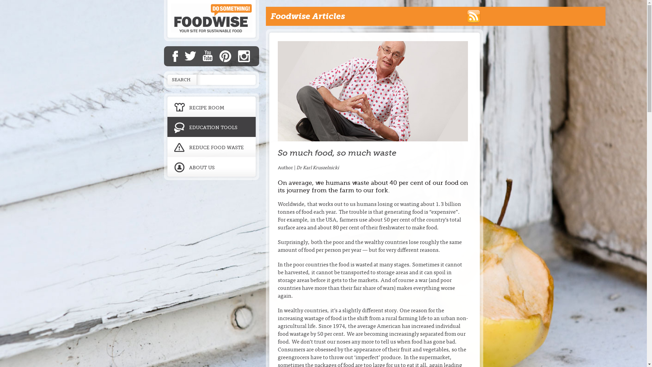  What do you see at coordinates (211, 168) in the screenshot?
I see `'ABOUT US'` at bounding box center [211, 168].